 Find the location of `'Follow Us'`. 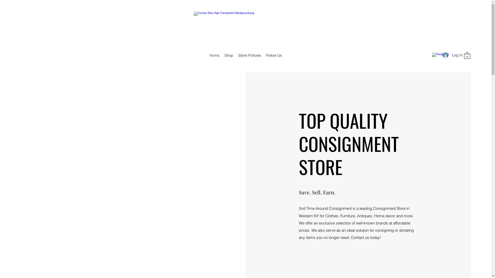

'Follow Us' is located at coordinates (263, 55).